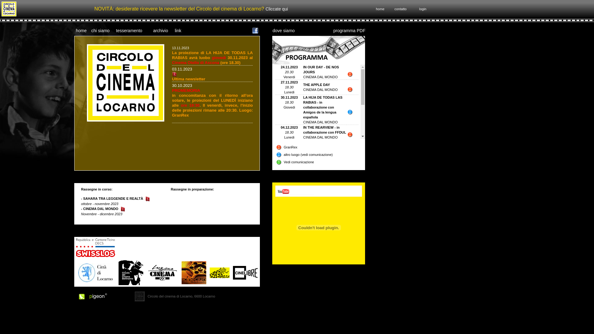  What do you see at coordinates (99, 209) in the screenshot?
I see `'- CINEMA DAL MONDO'` at bounding box center [99, 209].